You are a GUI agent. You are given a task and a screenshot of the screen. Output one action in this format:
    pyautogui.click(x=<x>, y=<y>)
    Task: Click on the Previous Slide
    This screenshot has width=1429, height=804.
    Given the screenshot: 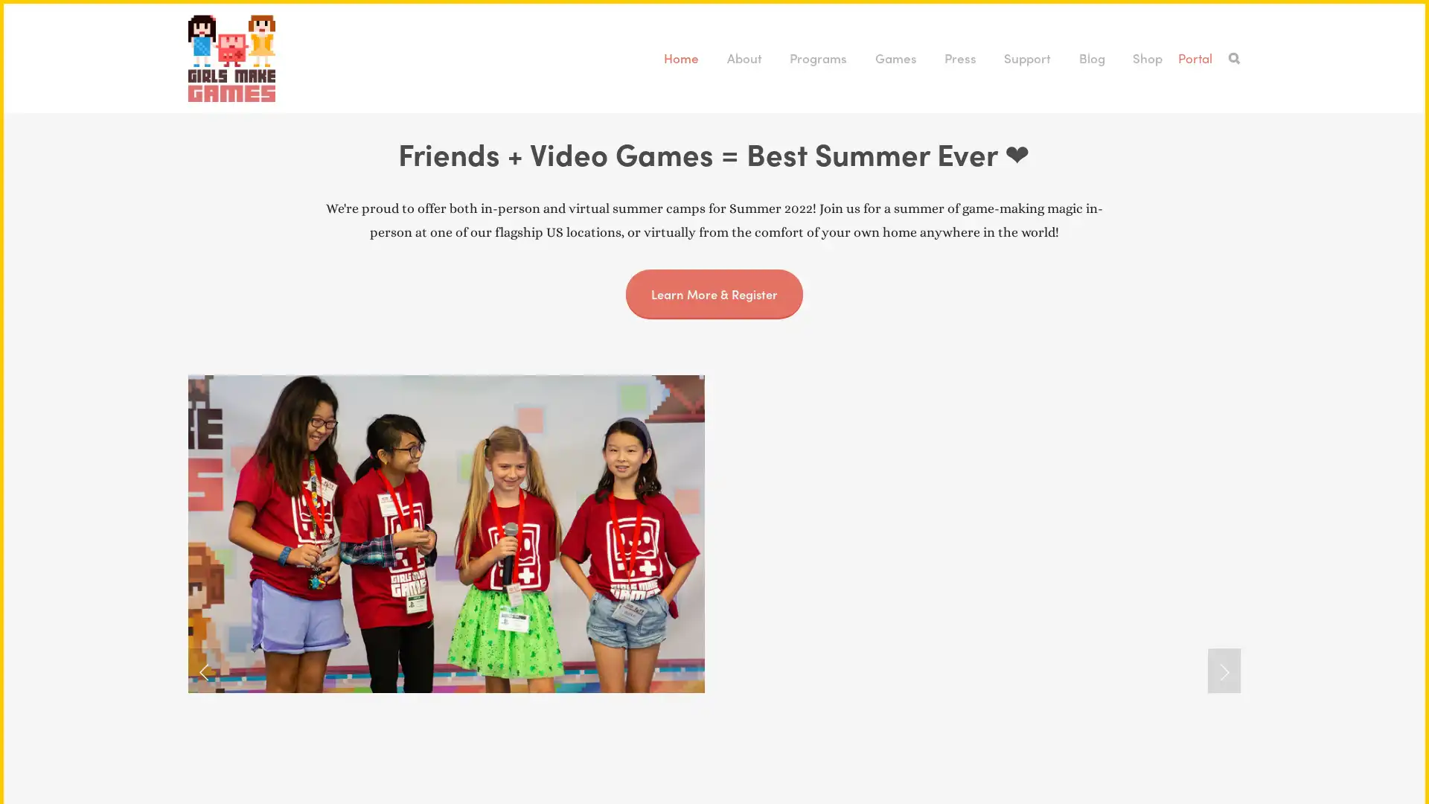 What is the action you would take?
    pyautogui.click(x=203, y=671)
    